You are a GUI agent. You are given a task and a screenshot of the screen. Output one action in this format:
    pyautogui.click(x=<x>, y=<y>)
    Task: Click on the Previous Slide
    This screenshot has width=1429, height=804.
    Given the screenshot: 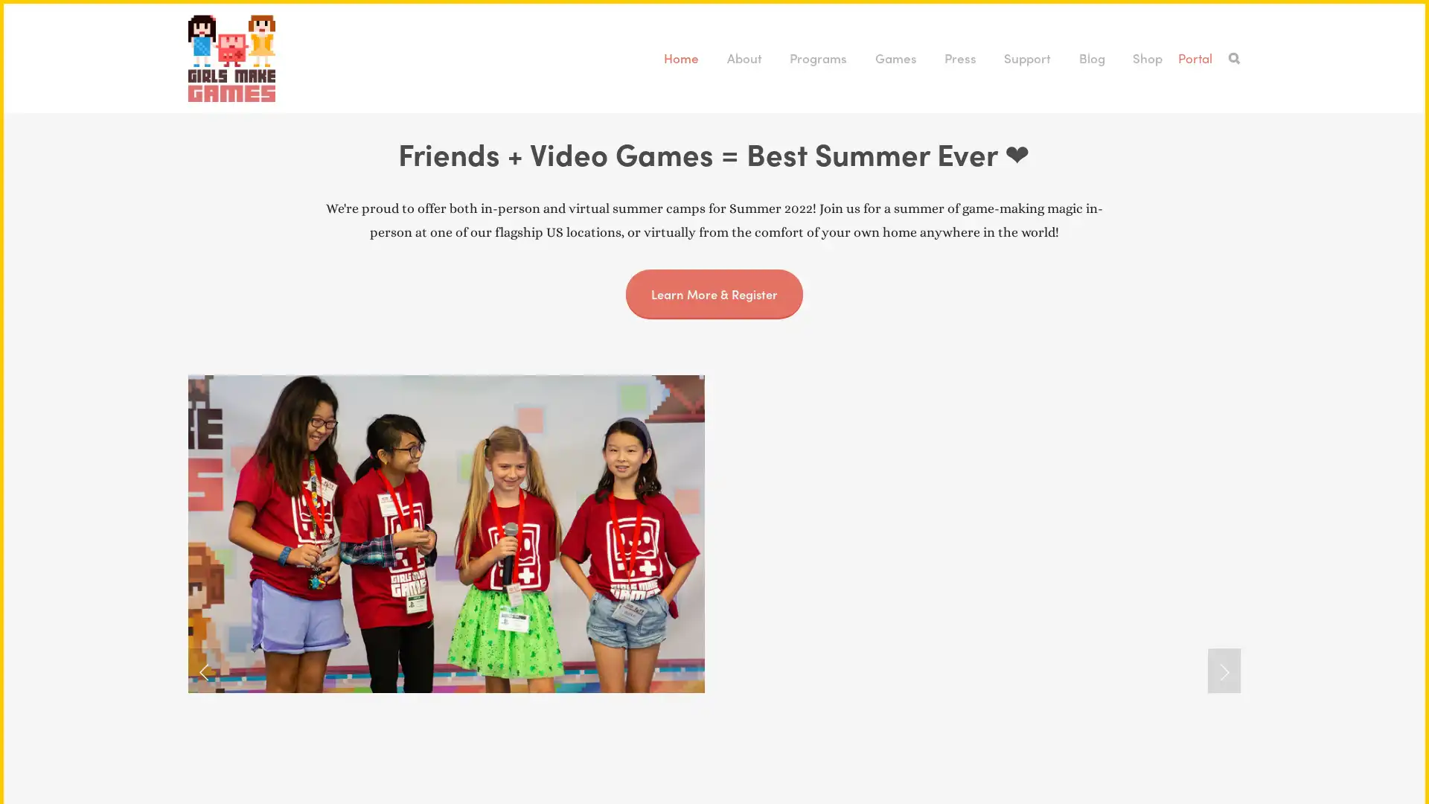 What is the action you would take?
    pyautogui.click(x=203, y=671)
    